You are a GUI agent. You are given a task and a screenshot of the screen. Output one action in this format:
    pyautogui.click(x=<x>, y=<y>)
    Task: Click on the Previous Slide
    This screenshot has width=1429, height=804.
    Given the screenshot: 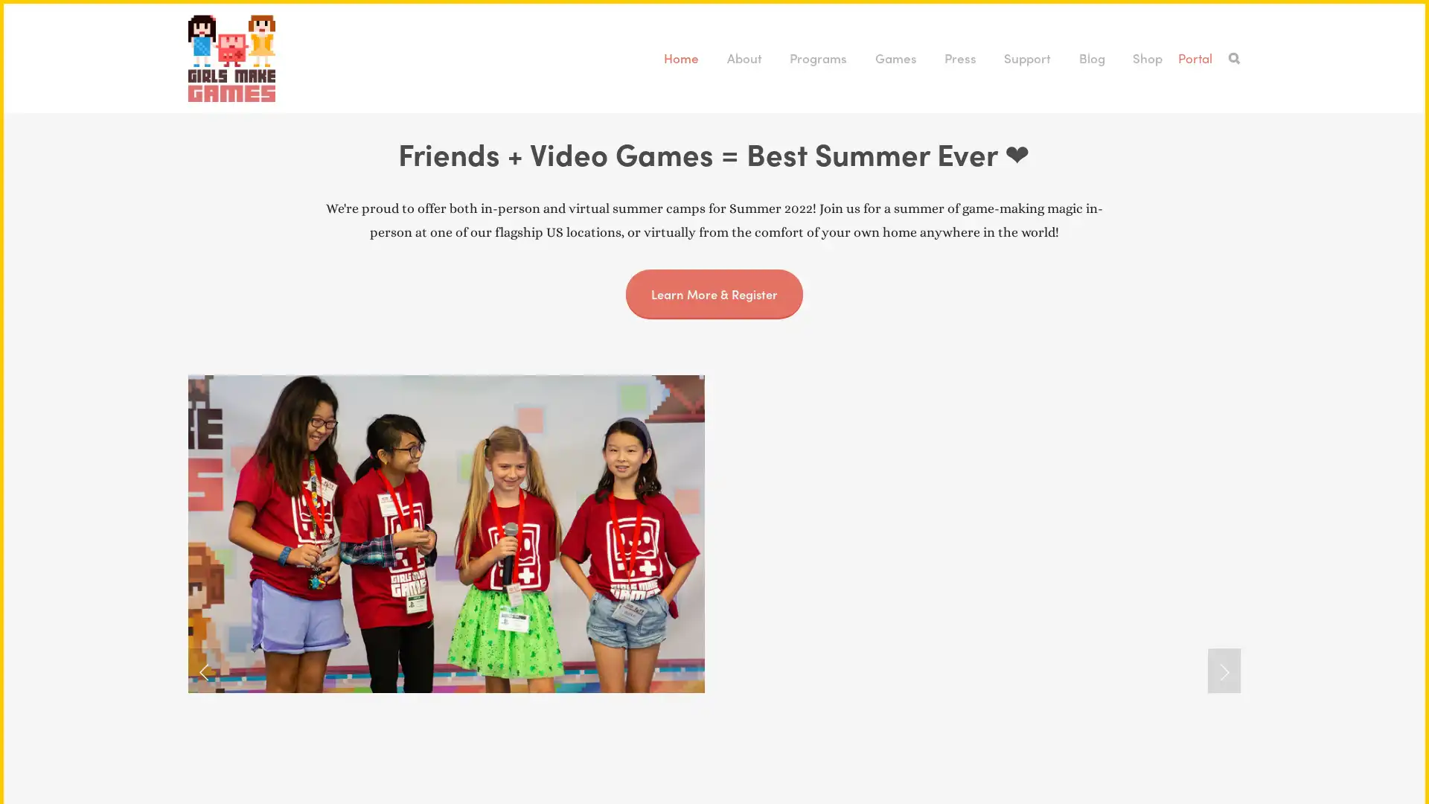 What is the action you would take?
    pyautogui.click(x=203, y=671)
    